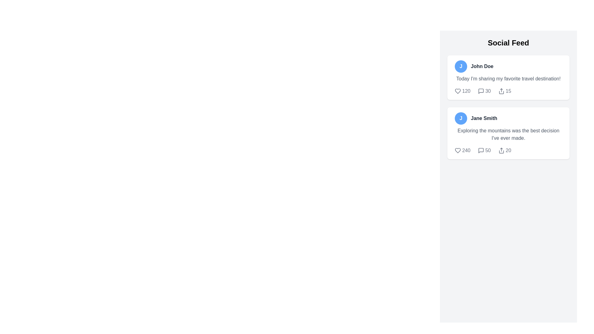  I want to click on the share count text indicating the number of shares for Jane Smith's post, so click(508, 150).